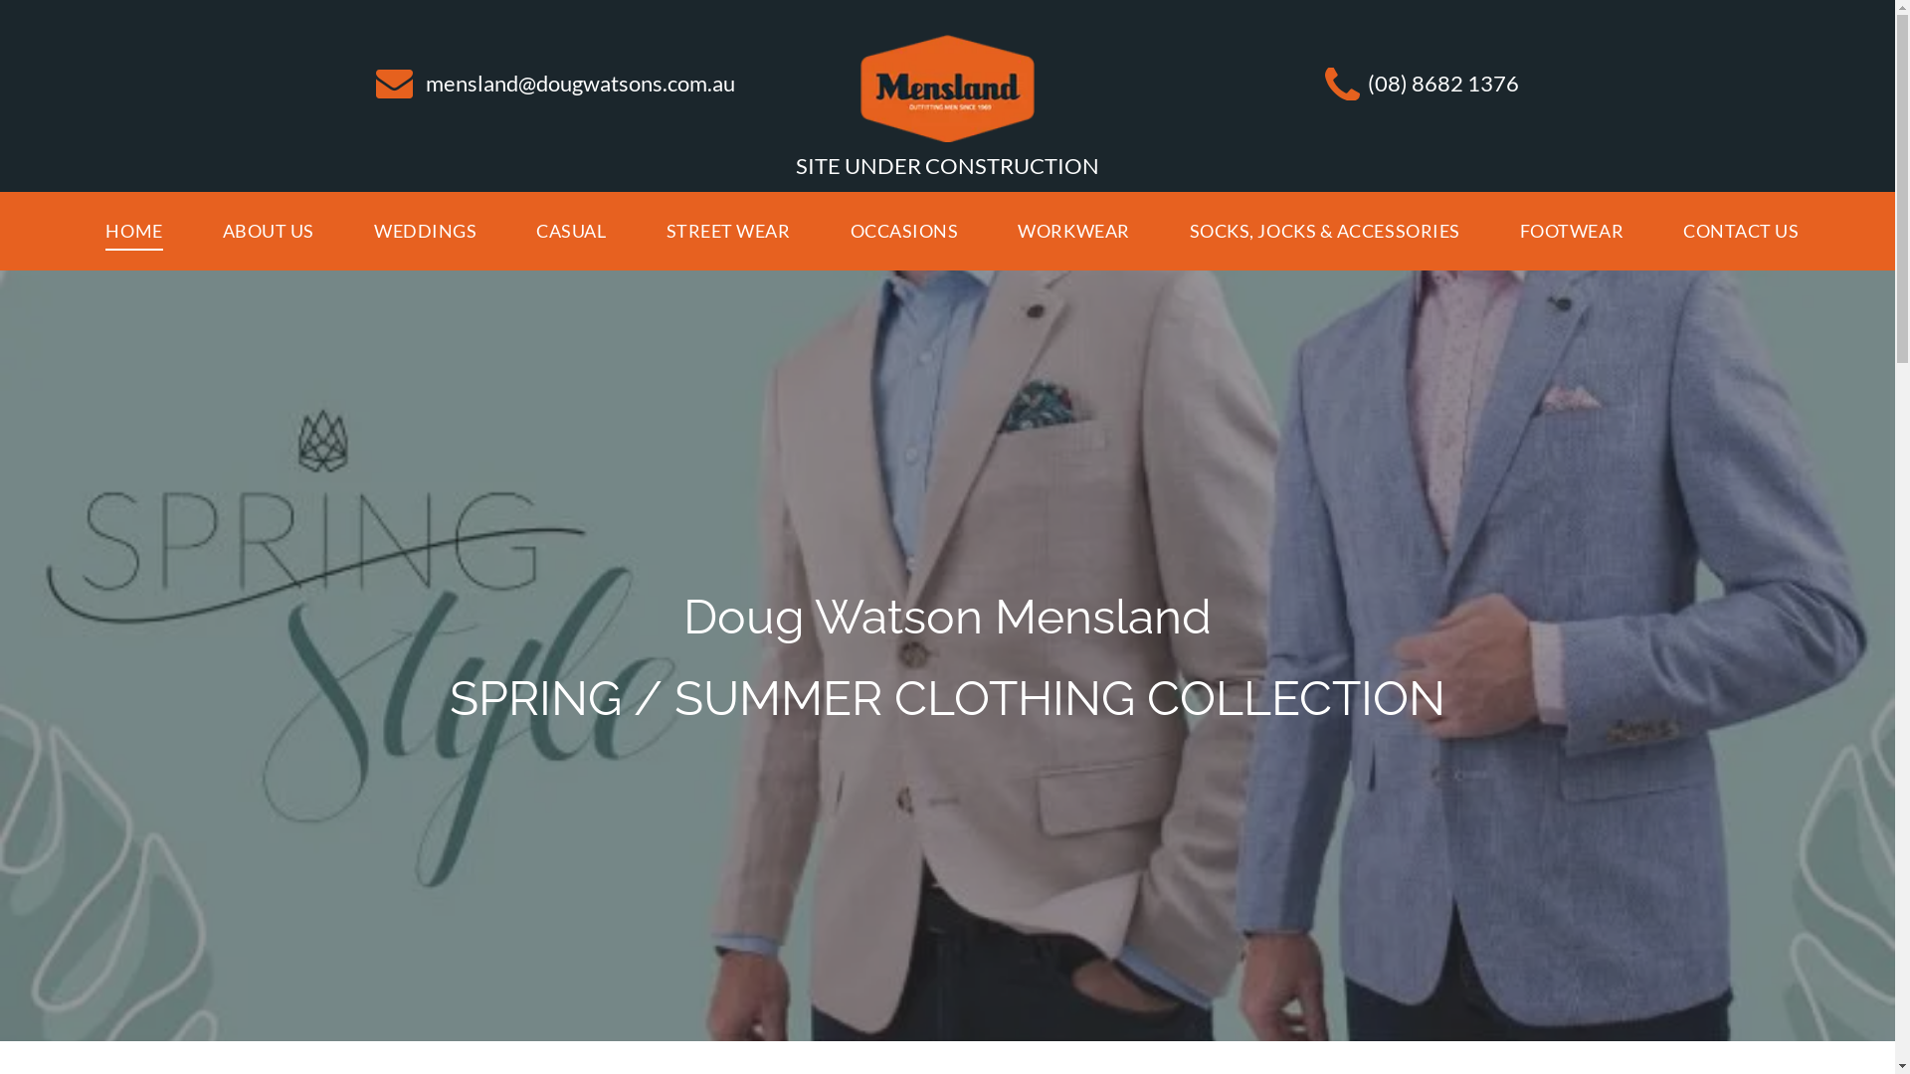 This screenshot has width=1910, height=1074. Describe the element at coordinates (424, 230) in the screenshot. I see `'WEDDINGS'` at that location.